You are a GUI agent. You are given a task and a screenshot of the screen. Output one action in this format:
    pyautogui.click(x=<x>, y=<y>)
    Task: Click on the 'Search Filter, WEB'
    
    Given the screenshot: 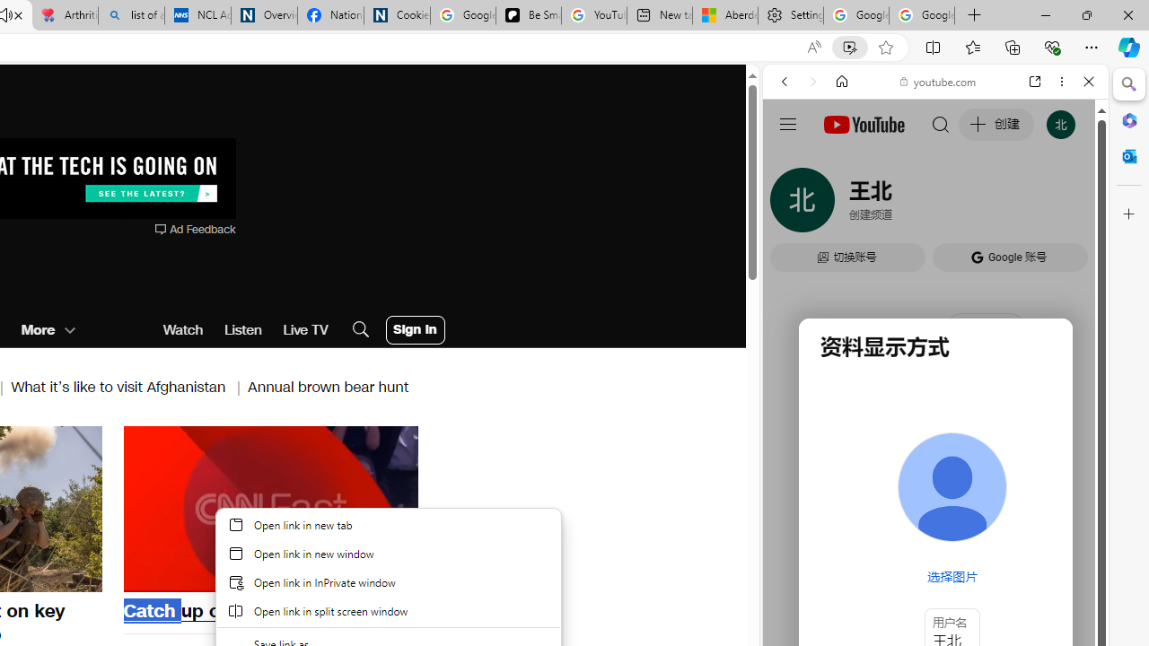 What is the action you would take?
    pyautogui.click(x=791, y=204)
    